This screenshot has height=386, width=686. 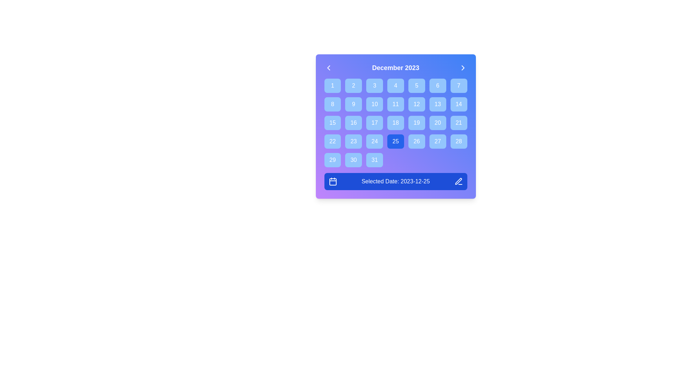 I want to click on the calendar date element representing the 14th, located in the second row and seventh column of the grid, to potentially reveal additional information, so click(x=459, y=104).